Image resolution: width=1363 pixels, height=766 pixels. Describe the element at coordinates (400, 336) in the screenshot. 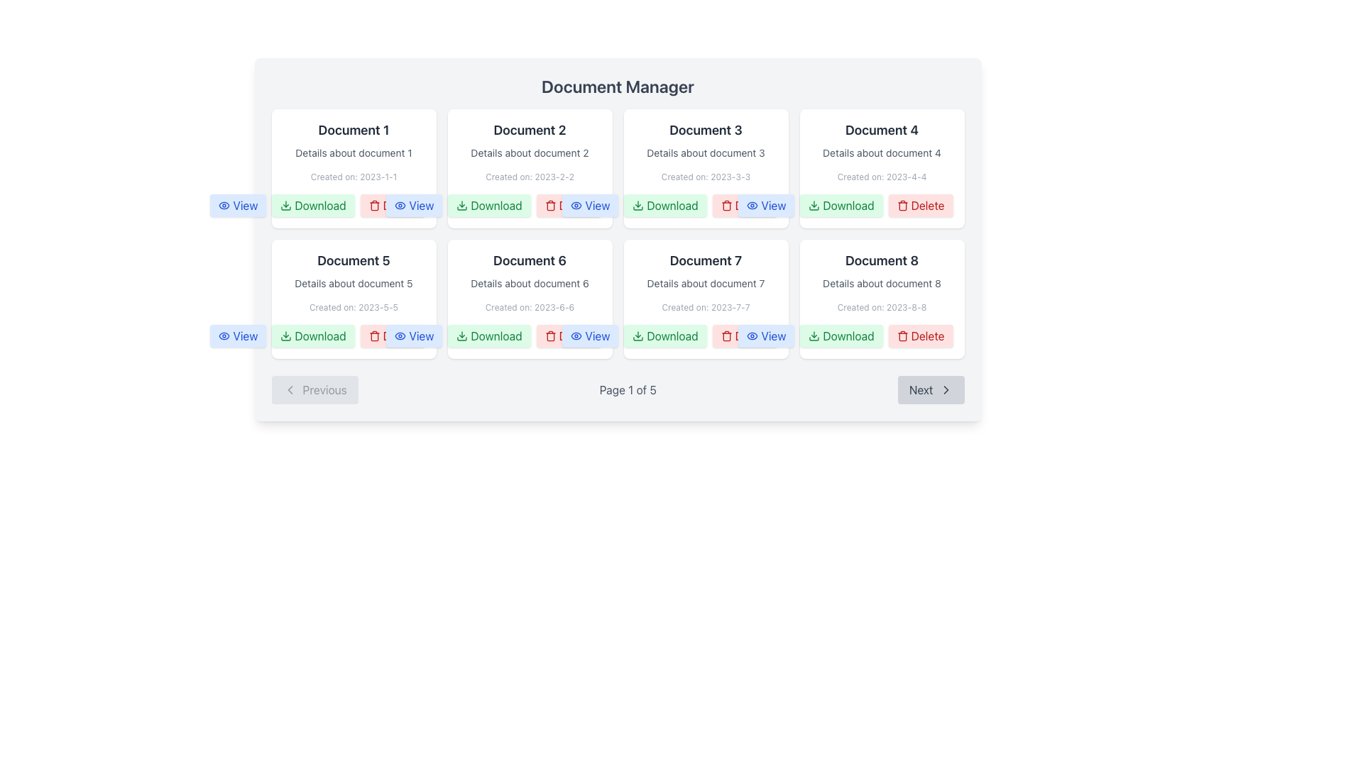

I see `the outer elliptical component of the eye-shaped icon indicating visibility, located under 'Document 5' near the 'View' button` at that location.